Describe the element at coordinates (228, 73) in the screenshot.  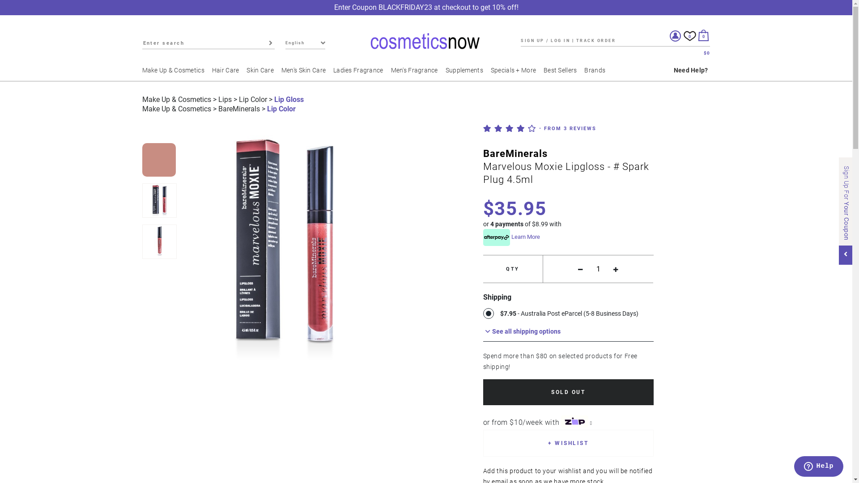
I see `'Hair Care'` at that location.